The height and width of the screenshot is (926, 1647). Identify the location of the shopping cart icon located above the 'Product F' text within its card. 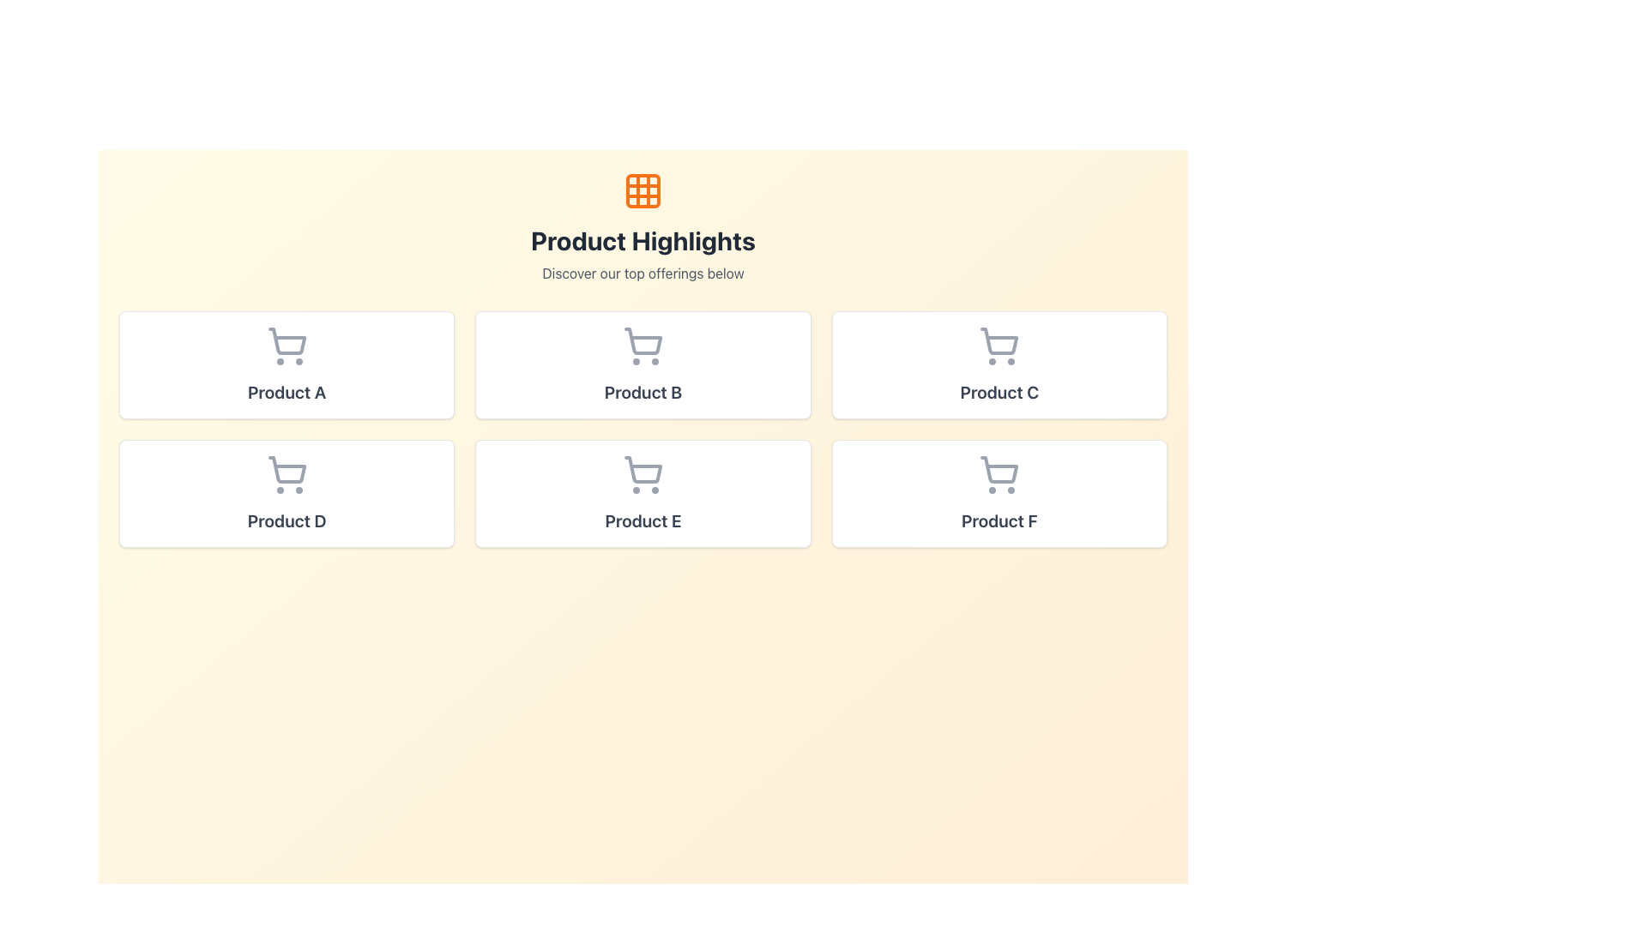
(999, 475).